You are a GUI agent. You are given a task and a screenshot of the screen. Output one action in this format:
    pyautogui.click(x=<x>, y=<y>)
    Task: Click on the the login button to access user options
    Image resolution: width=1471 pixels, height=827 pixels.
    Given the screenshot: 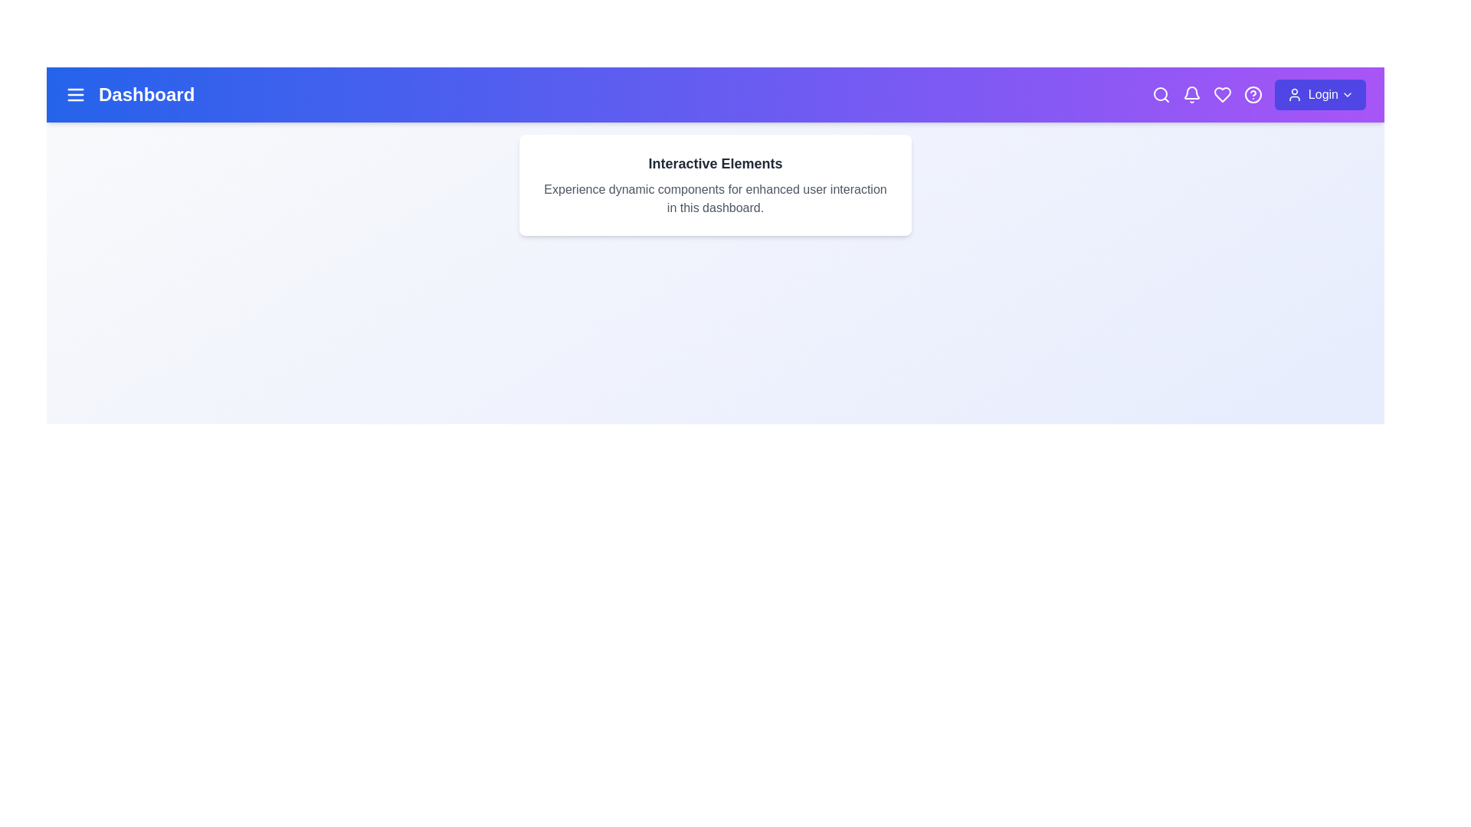 What is the action you would take?
    pyautogui.click(x=1319, y=94)
    